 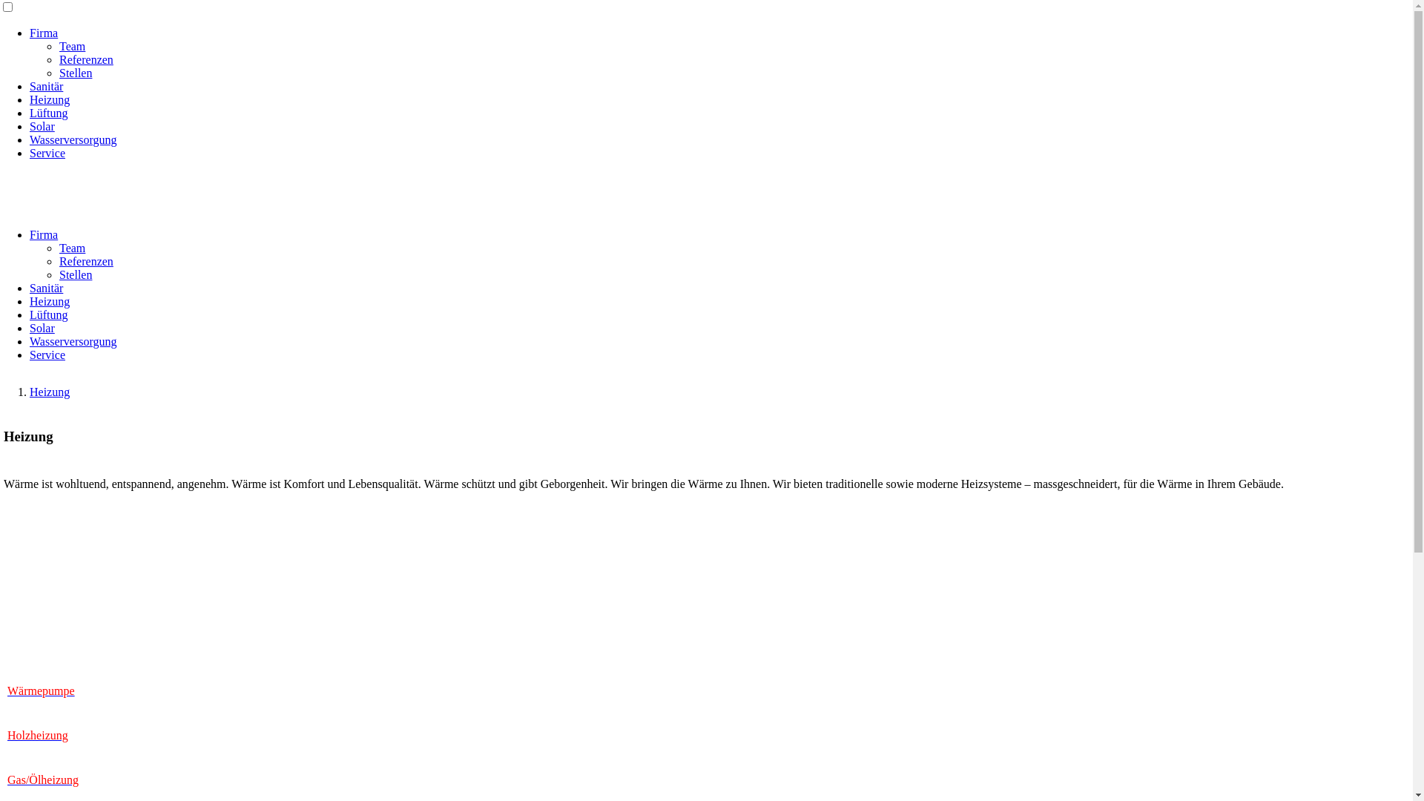 What do you see at coordinates (29, 355) in the screenshot?
I see `'Service'` at bounding box center [29, 355].